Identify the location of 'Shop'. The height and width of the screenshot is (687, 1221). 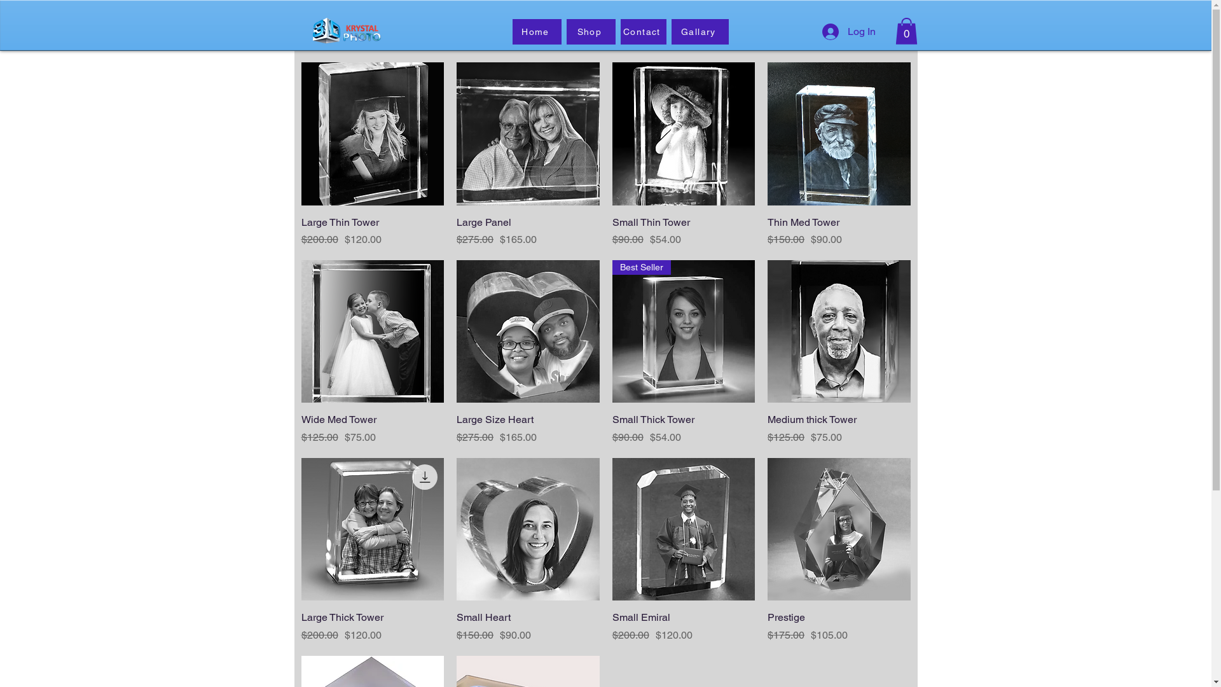
(590, 31).